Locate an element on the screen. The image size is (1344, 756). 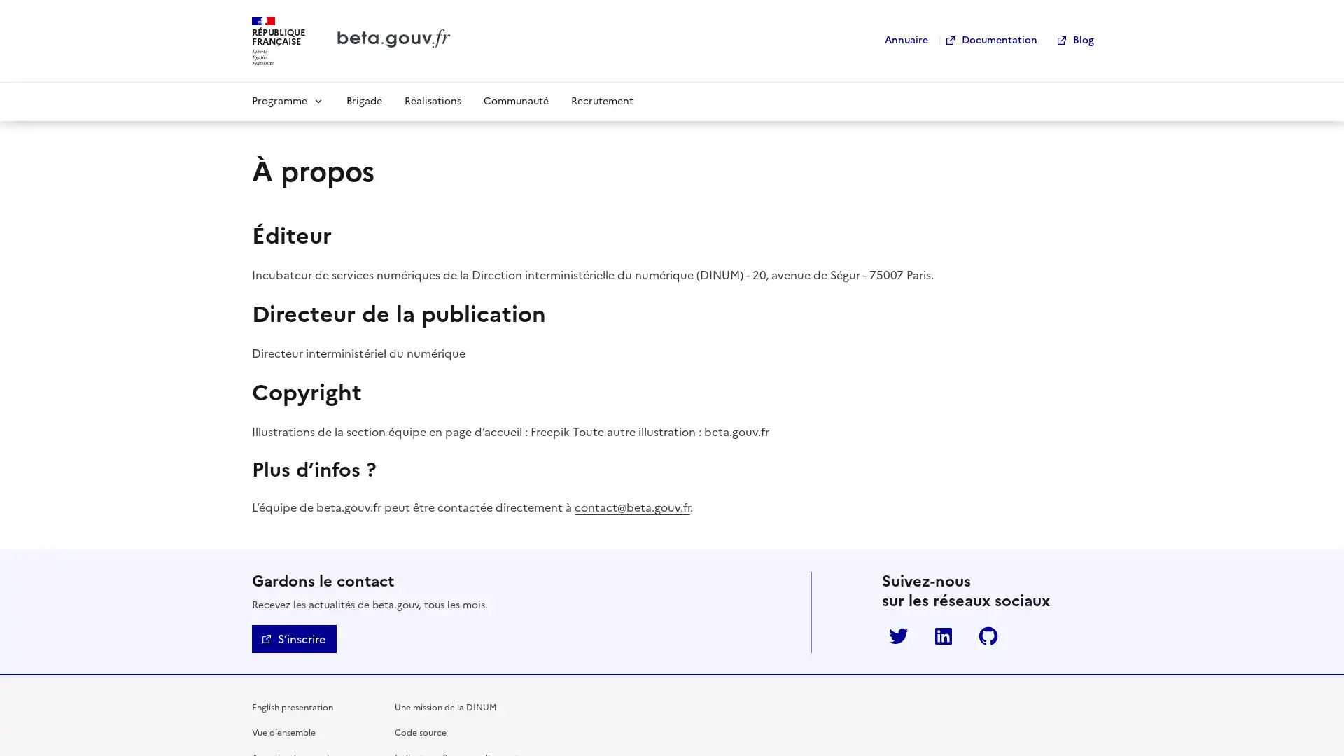
Programme is located at coordinates (287, 99).